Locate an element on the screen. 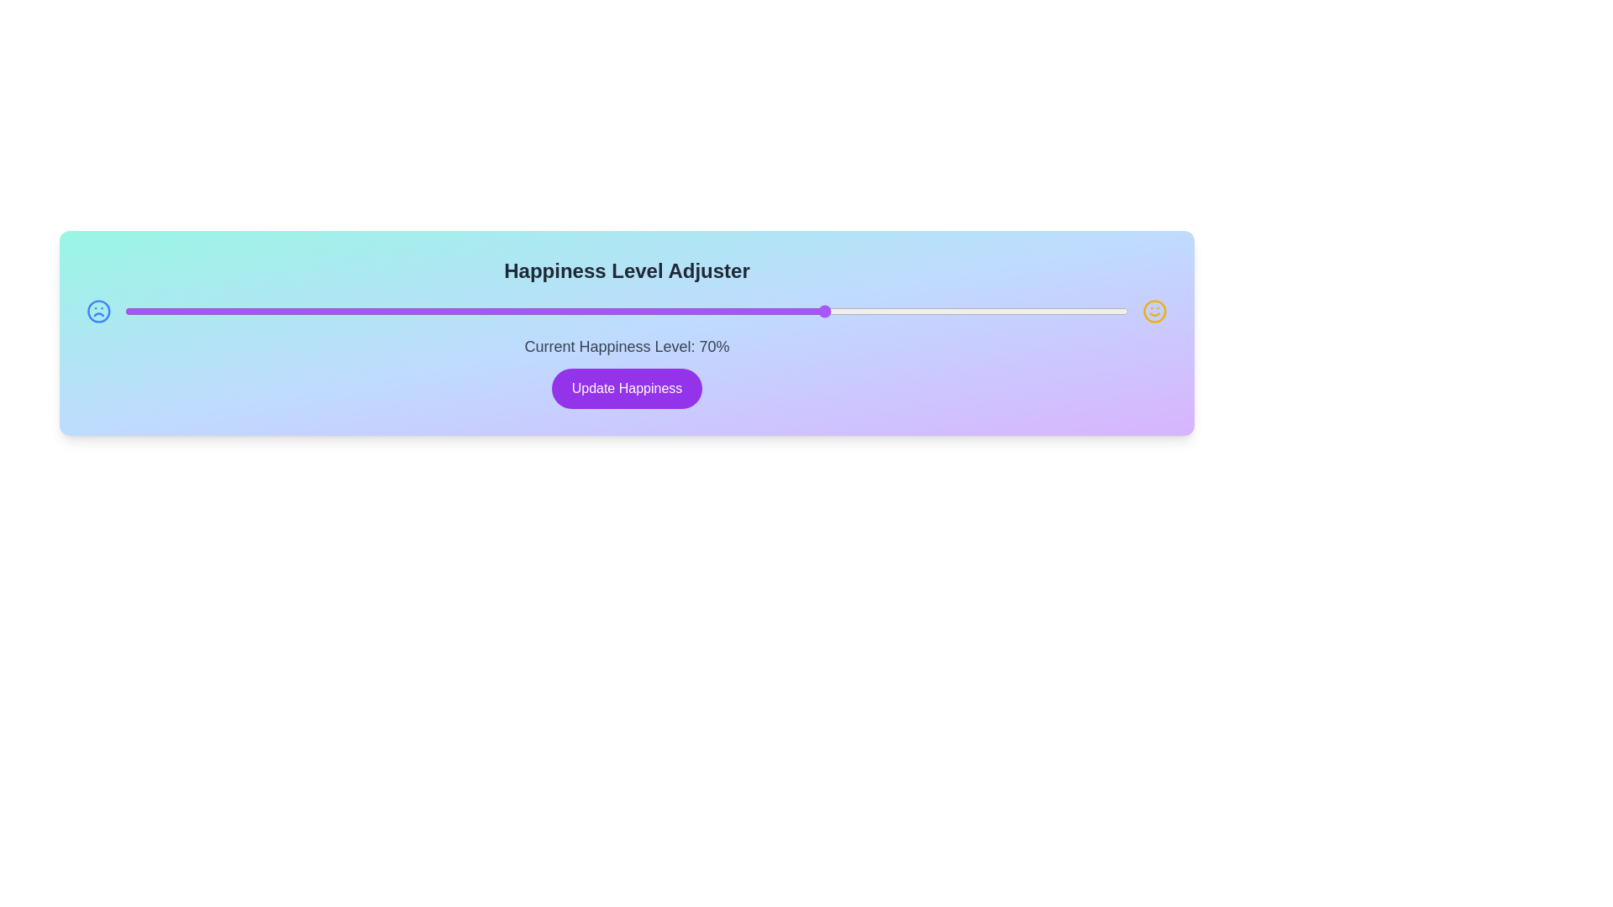 The width and height of the screenshot is (1613, 907). 'Update Happiness' button is located at coordinates (626, 388).